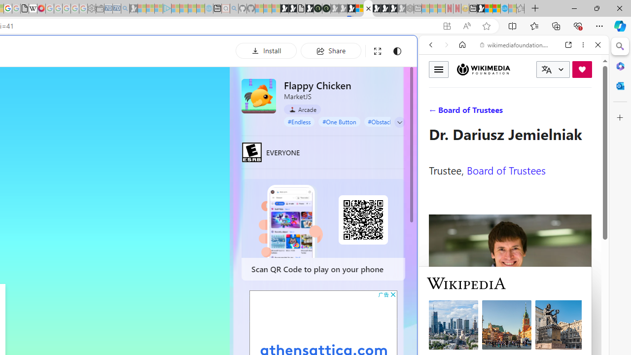 The image size is (631, 355). What do you see at coordinates (484, 69) in the screenshot?
I see `'Wikimedia Foundation'` at bounding box center [484, 69].